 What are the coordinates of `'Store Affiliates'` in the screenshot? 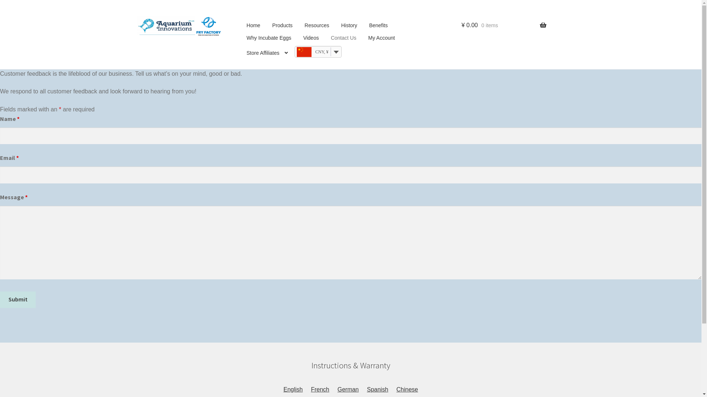 It's located at (267, 54).